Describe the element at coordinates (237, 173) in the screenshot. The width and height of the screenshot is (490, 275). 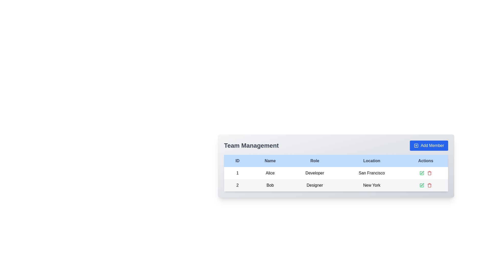
I see `the text label displaying the numeral '1' located in the first cell of the first row under the 'ID' column in the tabular interface` at that location.